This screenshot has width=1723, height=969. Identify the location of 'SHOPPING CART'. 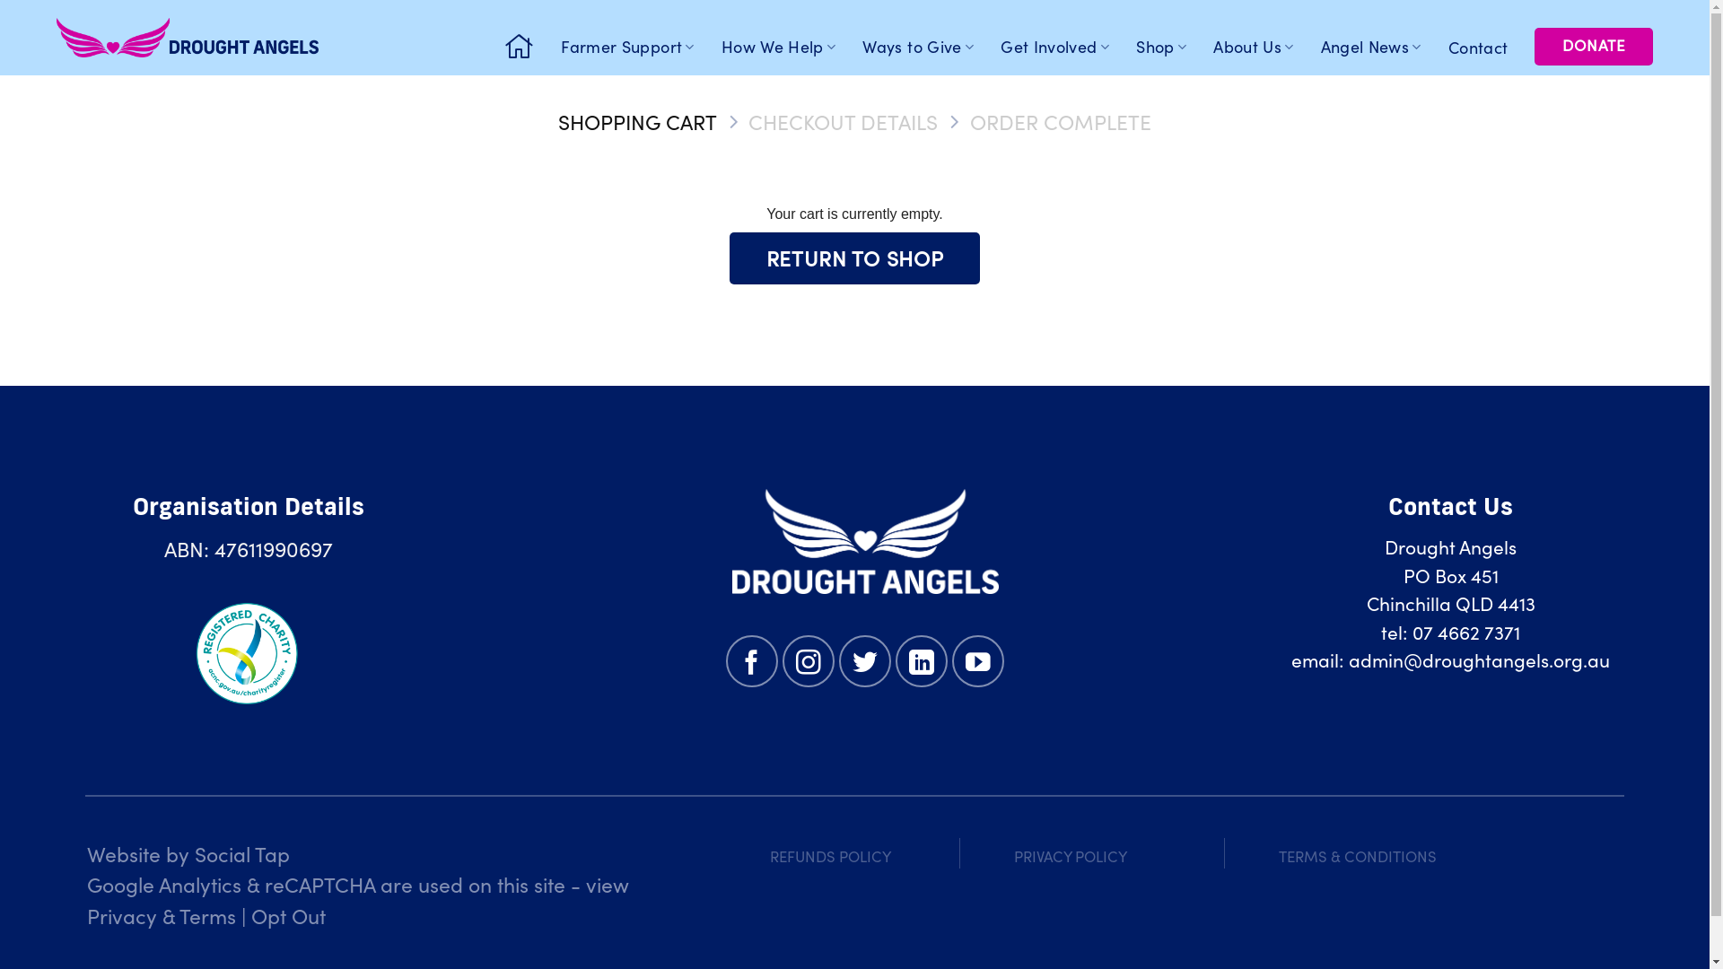
(637, 121).